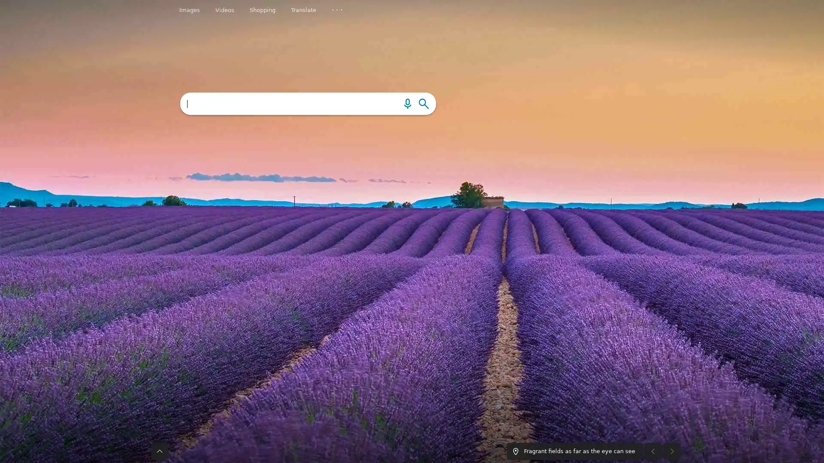 Image resolution: width=824 pixels, height=463 pixels. Describe the element at coordinates (407, 103) in the screenshot. I see `Search using an image` at that location.